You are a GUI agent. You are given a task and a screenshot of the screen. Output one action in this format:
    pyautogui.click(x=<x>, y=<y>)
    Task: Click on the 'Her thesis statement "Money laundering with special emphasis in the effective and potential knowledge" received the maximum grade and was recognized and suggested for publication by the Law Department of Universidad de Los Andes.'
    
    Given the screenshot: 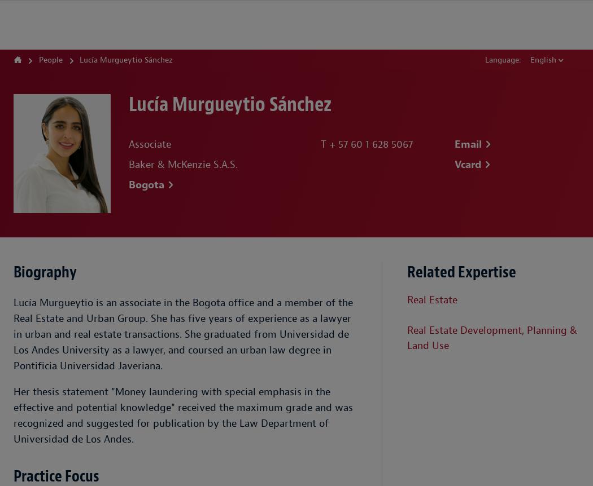 What is the action you would take?
    pyautogui.click(x=14, y=416)
    